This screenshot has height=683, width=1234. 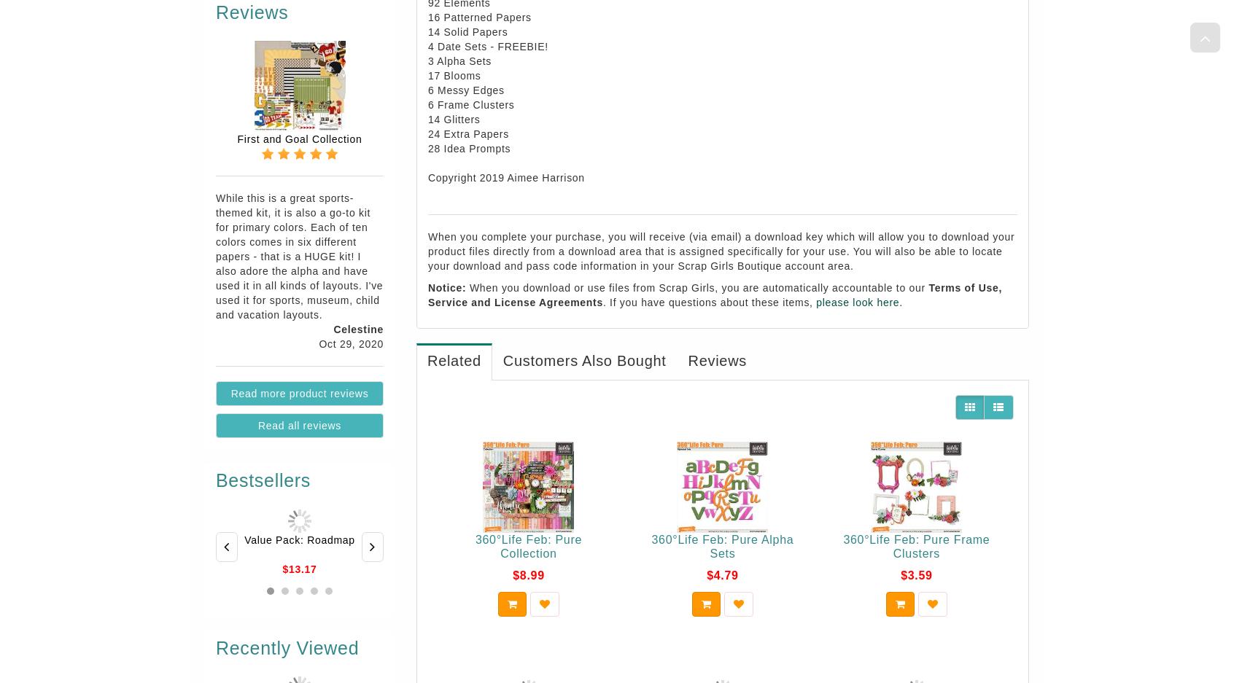 What do you see at coordinates (427, 90) in the screenshot?
I see `'6 Messy Edges'` at bounding box center [427, 90].